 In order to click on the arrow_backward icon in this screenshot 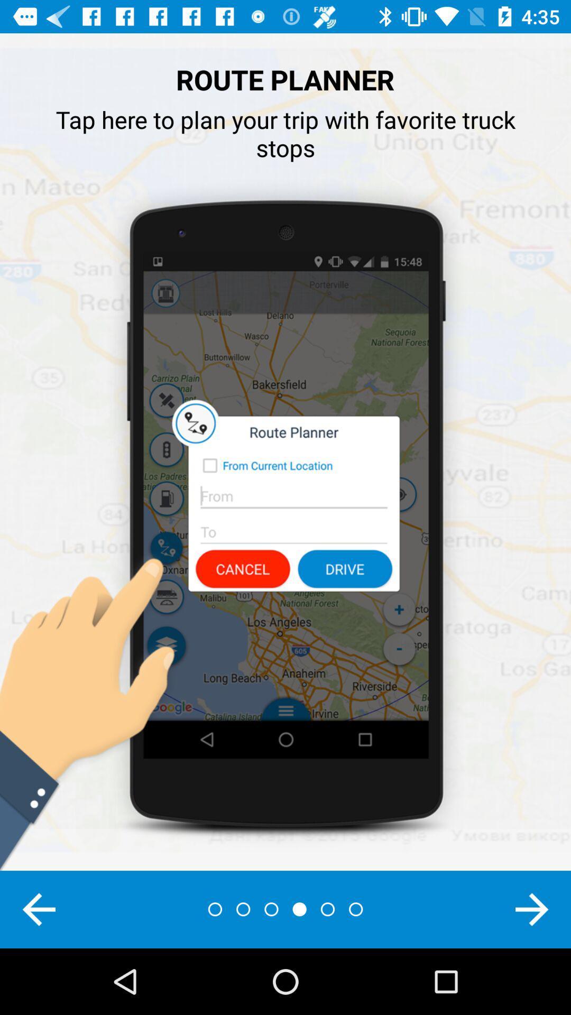, I will do `click(38, 909)`.